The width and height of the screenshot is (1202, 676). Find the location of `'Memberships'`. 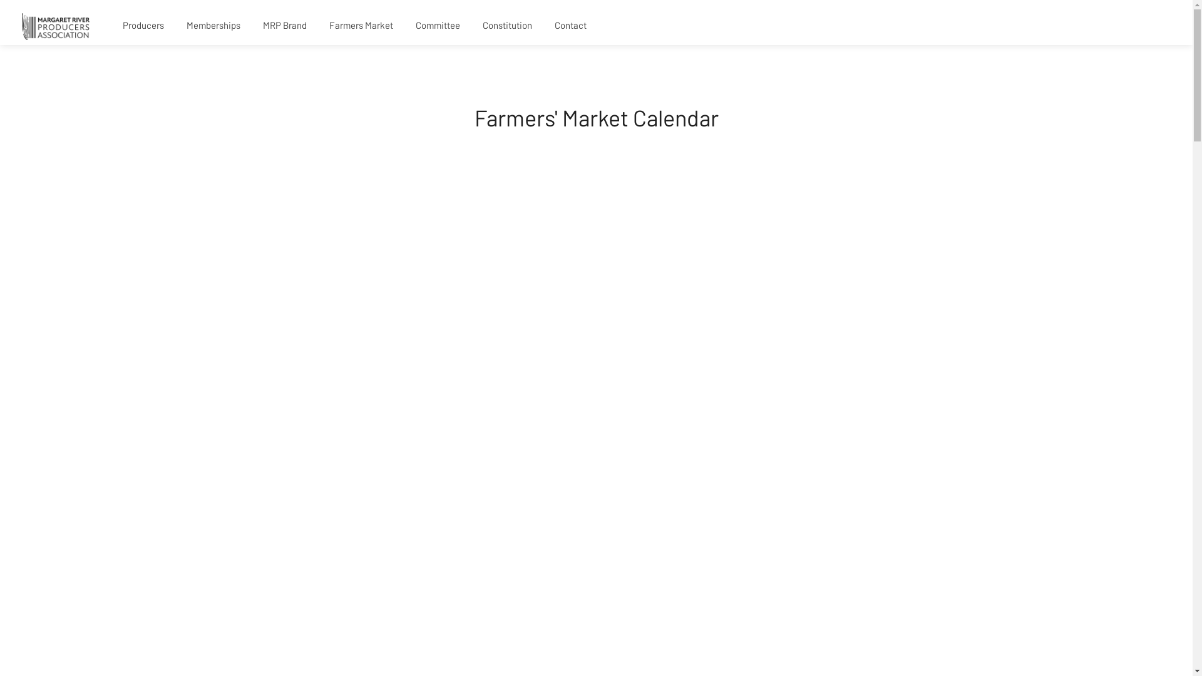

'Memberships' is located at coordinates (213, 26).